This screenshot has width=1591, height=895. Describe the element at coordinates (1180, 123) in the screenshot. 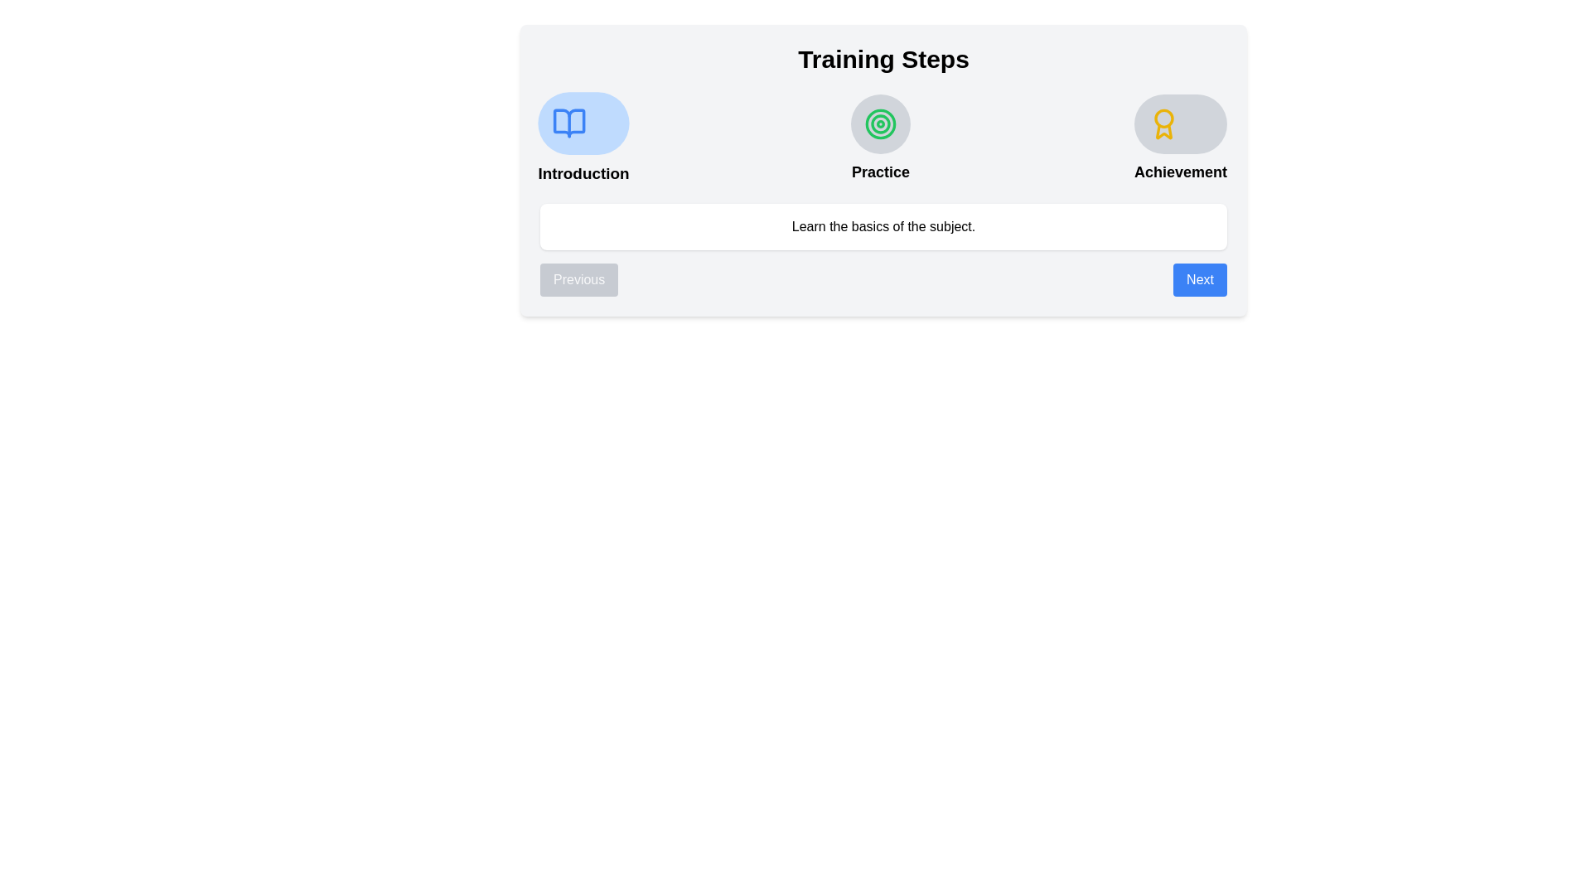

I see `the 'Achievement' step icon to view its details` at that location.